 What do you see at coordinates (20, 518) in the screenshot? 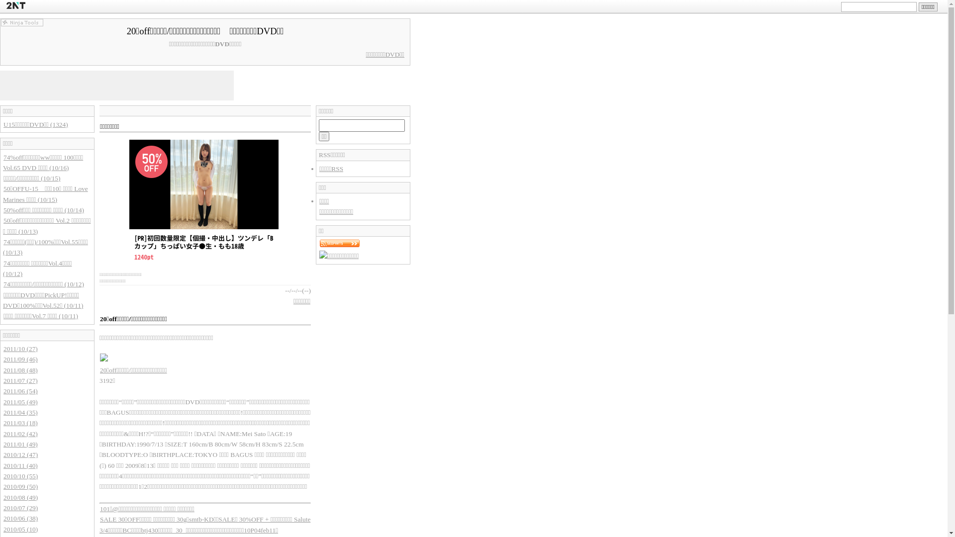
I see `'2010/06 (38)'` at bounding box center [20, 518].